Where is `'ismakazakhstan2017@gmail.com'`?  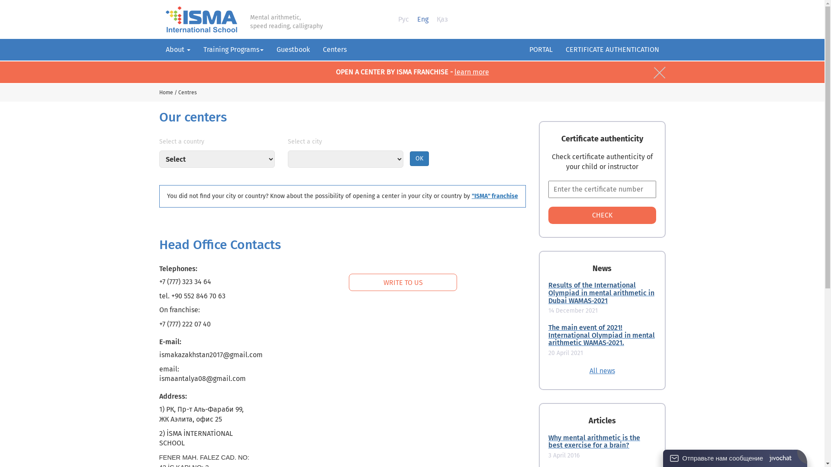
'ismakazakhstan2017@gmail.com' is located at coordinates (211, 355).